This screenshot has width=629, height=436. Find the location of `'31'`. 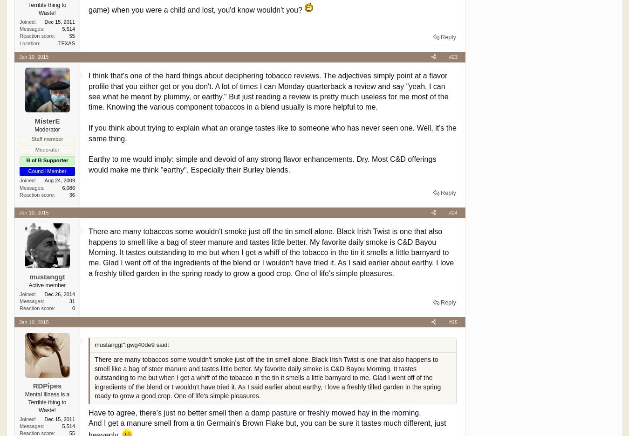

'31' is located at coordinates (72, 300).